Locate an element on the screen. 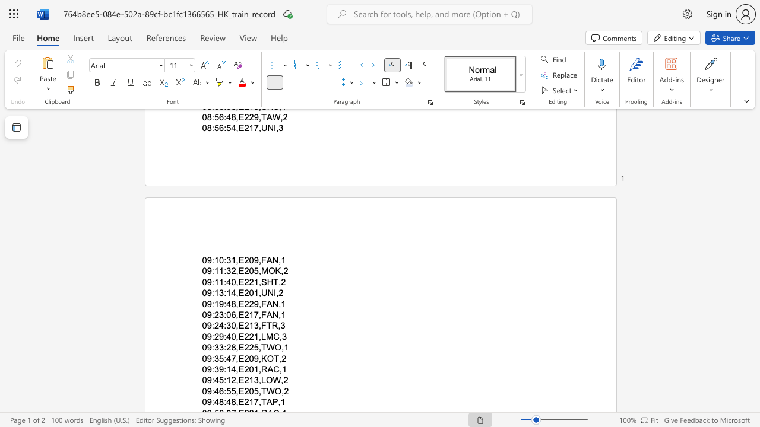 This screenshot has height=427, width=760. the subset text "2,E205,MOK,2" within the text "09:11:32,E205,MOK,2" is located at coordinates (231, 271).